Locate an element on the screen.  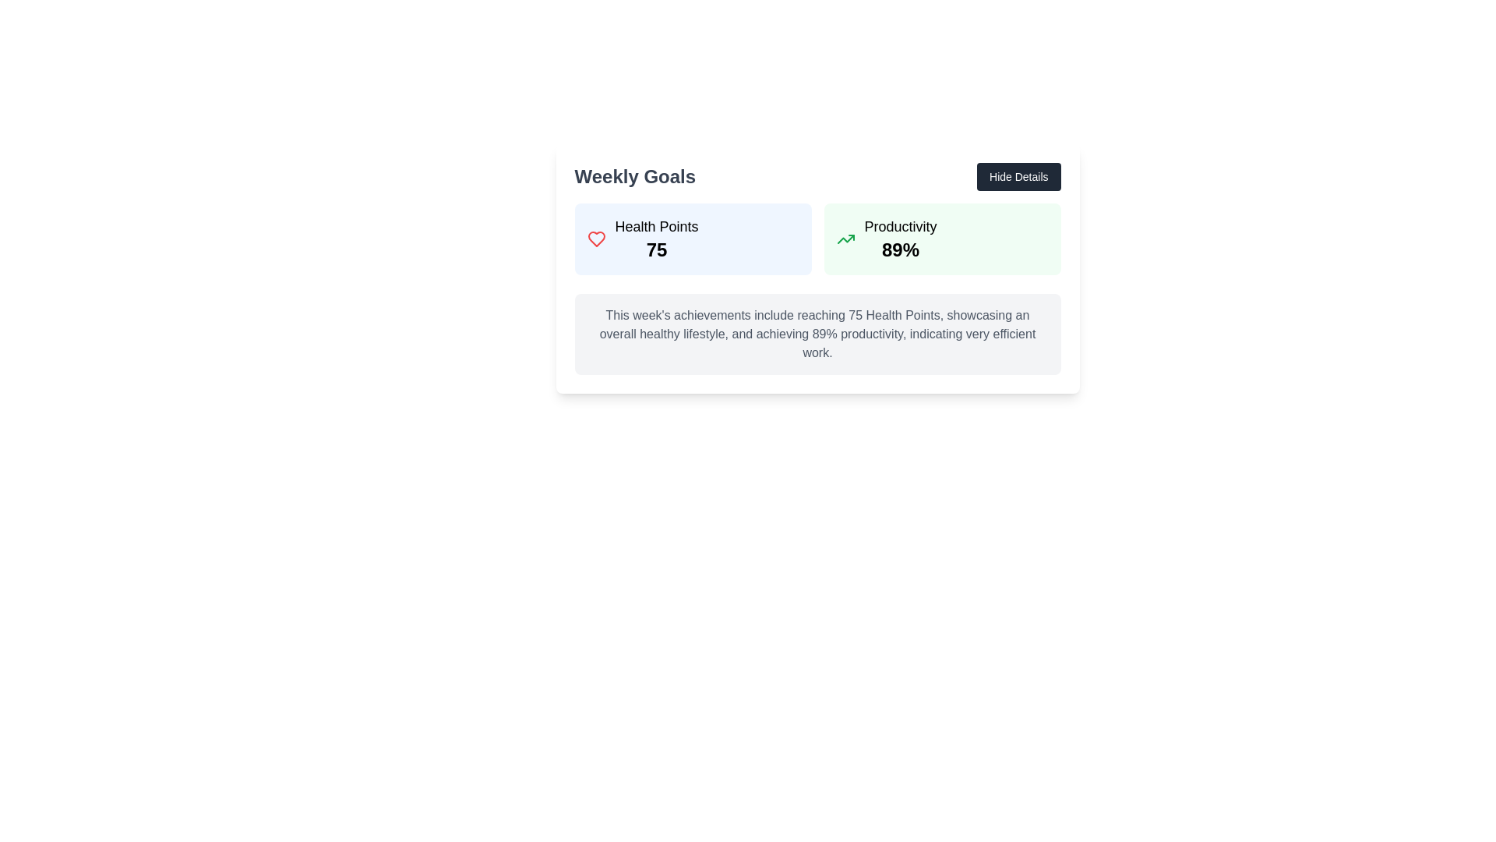
the 'Health Points' text label displaying the number '75', which is prominently styled in bold and larger font, located in the top-left of the 'Weekly Goals' section beside a red heart icon is located at coordinates (657, 239).